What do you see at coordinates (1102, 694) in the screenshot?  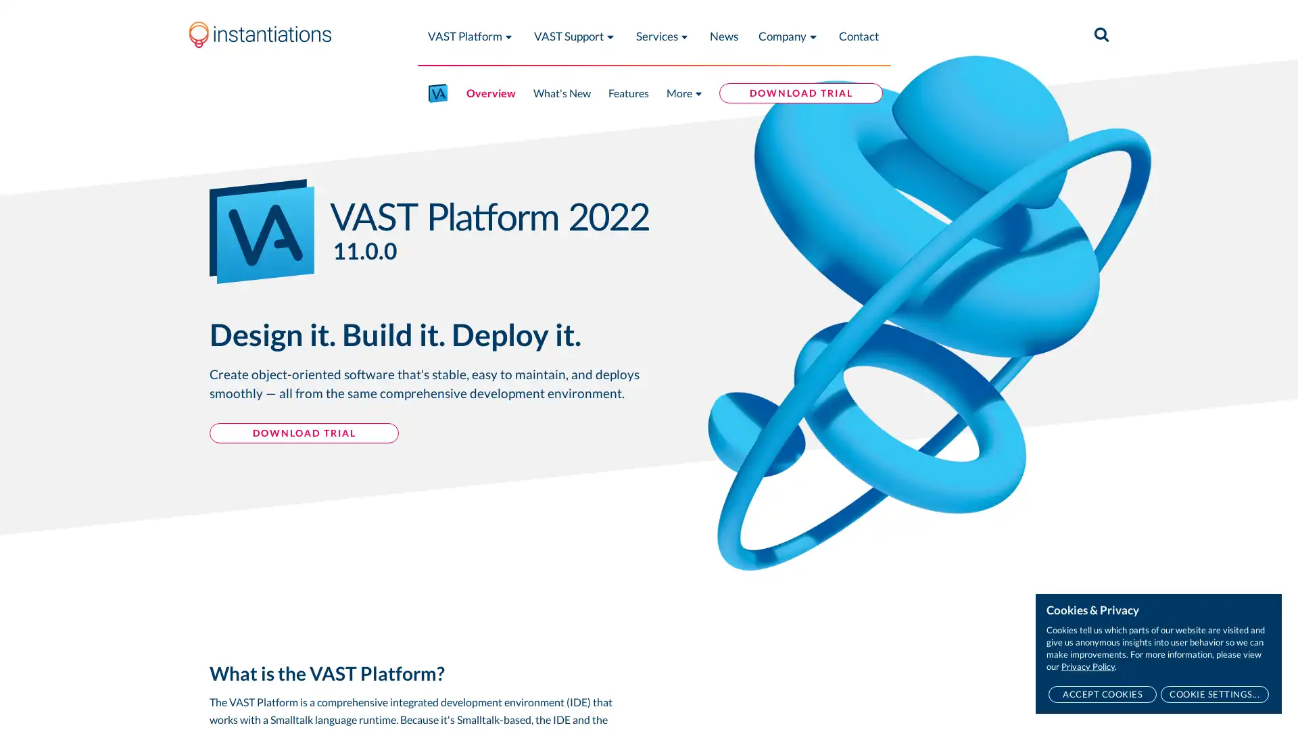 I see `ACCEPT COOKIES` at bounding box center [1102, 694].